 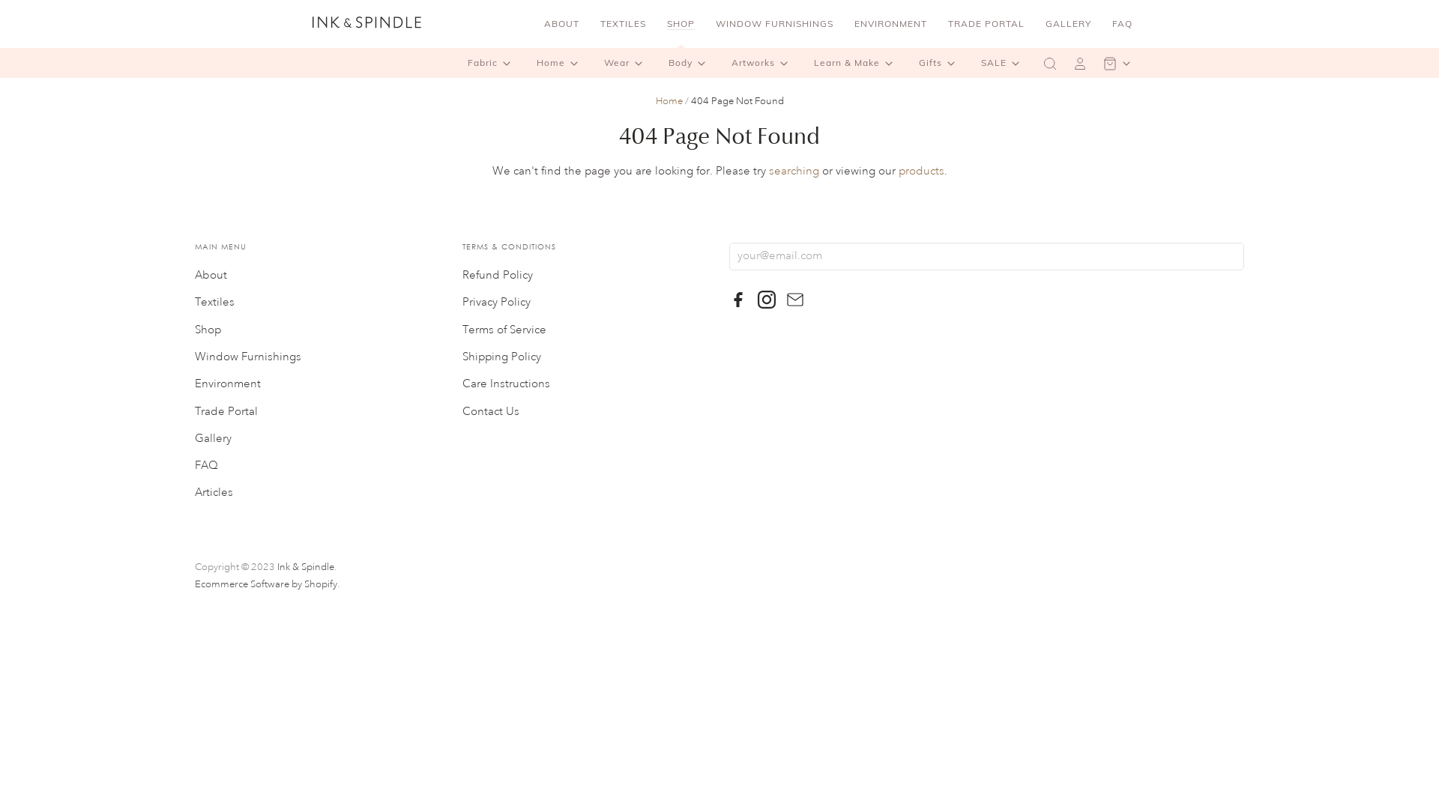 What do you see at coordinates (207, 329) in the screenshot?
I see `'Shop'` at bounding box center [207, 329].